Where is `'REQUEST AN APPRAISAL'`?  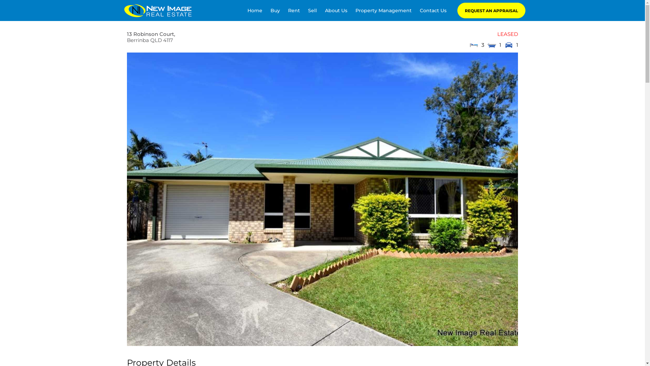
'REQUEST AN APPRAISAL' is located at coordinates (491, 11).